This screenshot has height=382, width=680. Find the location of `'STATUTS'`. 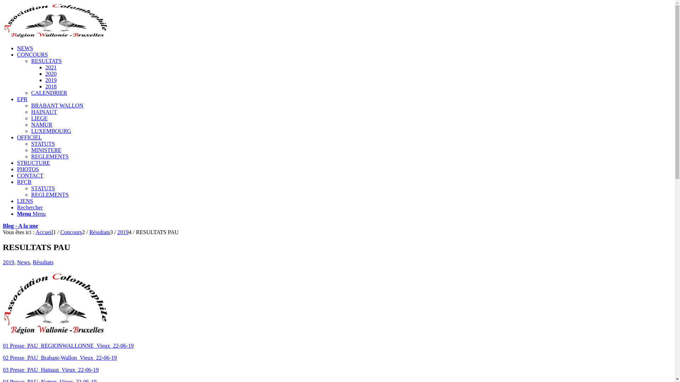

'STATUTS' is located at coordinates (42, 143).